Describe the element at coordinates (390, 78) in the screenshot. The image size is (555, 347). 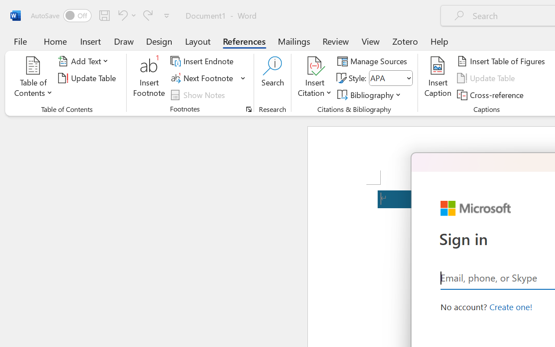
I see `'Style'` at that location.